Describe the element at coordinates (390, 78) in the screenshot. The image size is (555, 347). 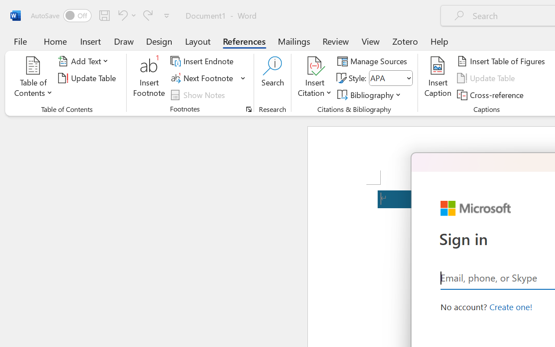
I see `'Style'` at that location.